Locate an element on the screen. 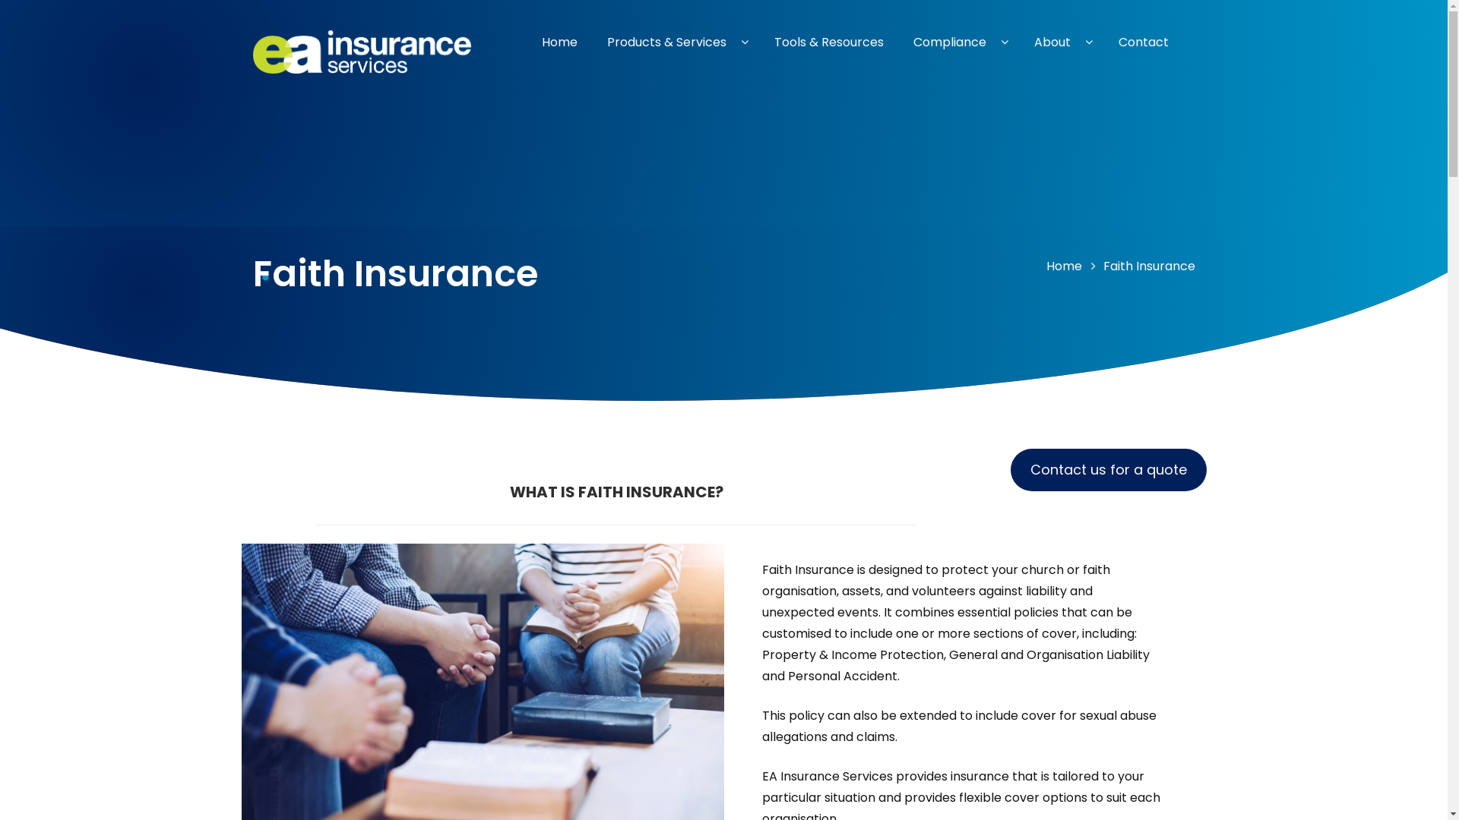 This screenshot has height=820, width=1459. 'Home' is located at coordinates (1045, 264).